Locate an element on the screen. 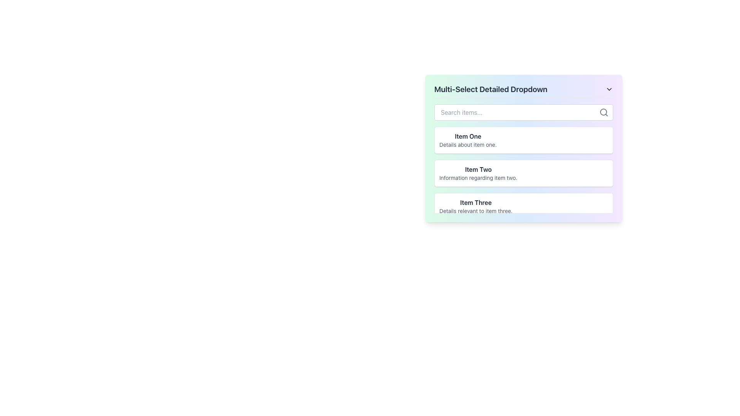  the second list item titled 'Item Two' in the dropdown menu under 'Multi-Select Detailed Dropdown' is located at coordinates (523, 169).